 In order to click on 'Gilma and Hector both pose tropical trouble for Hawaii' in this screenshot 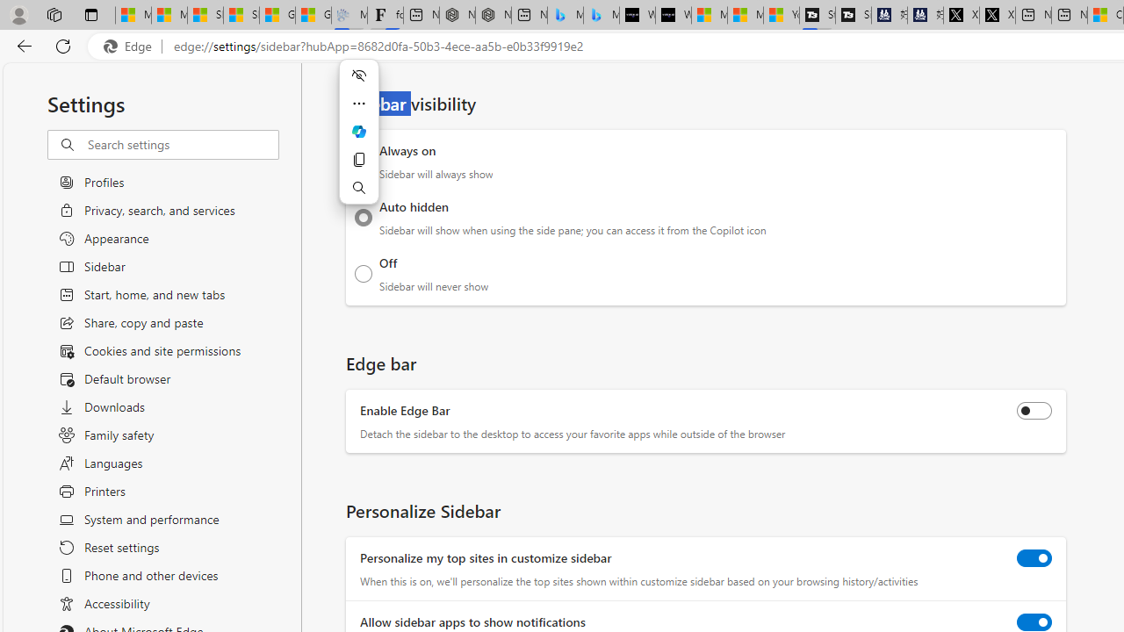, I will do `click(313, 15)`.